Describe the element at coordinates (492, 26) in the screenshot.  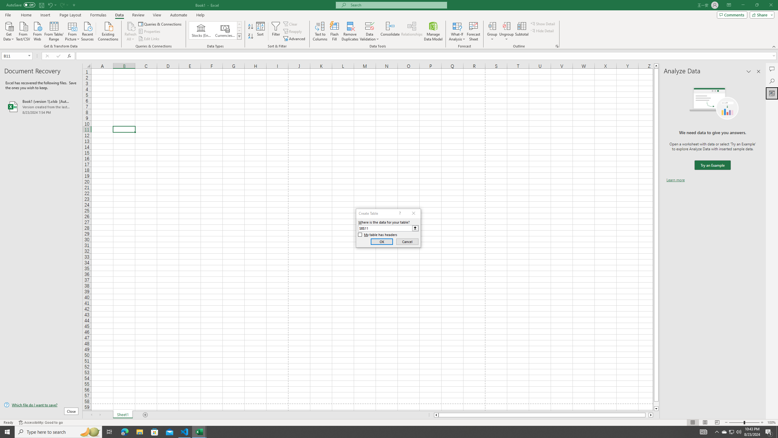
I see `'Group...'` at that location.